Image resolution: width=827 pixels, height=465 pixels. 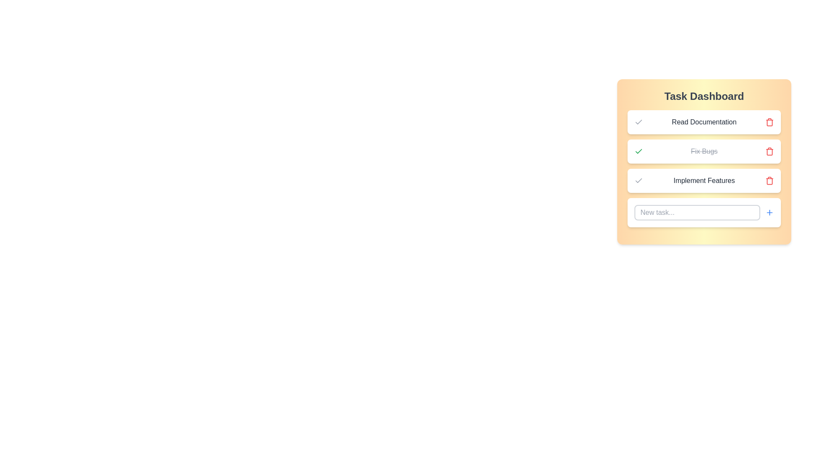 What do you see at coordinates (769, 122) in the screenshot?
I see `the 'Trash' button of the task identified by Read Documentation to remove it` at bounding box center [769, 122].